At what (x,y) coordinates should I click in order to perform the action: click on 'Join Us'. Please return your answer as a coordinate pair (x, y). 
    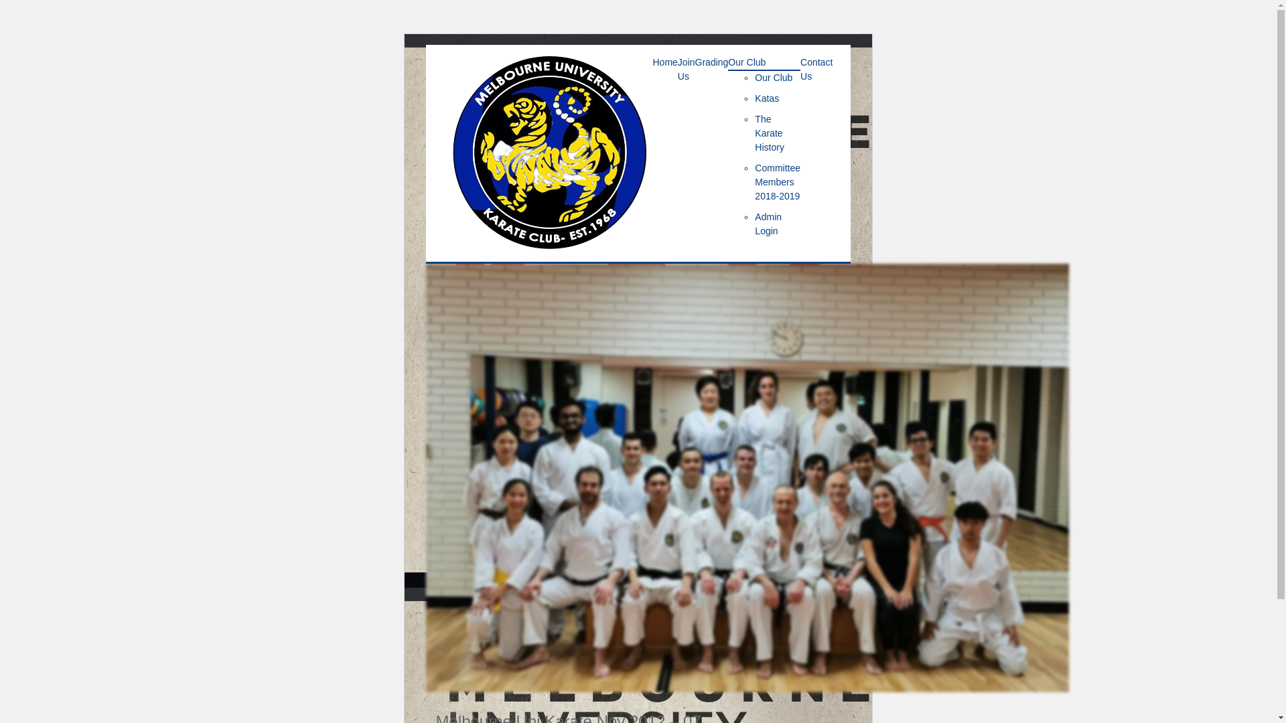
    Looking at the image, I should click on (687, 68).